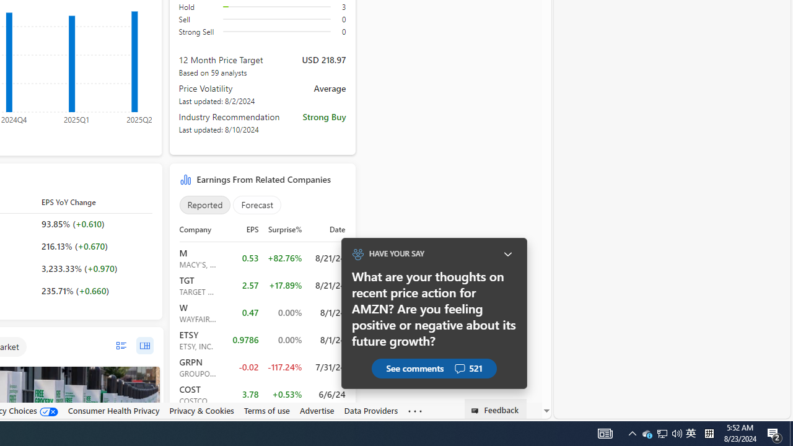 This screenshot has width=793, height=446. I want to click on 'Reported', so click(204, 204).